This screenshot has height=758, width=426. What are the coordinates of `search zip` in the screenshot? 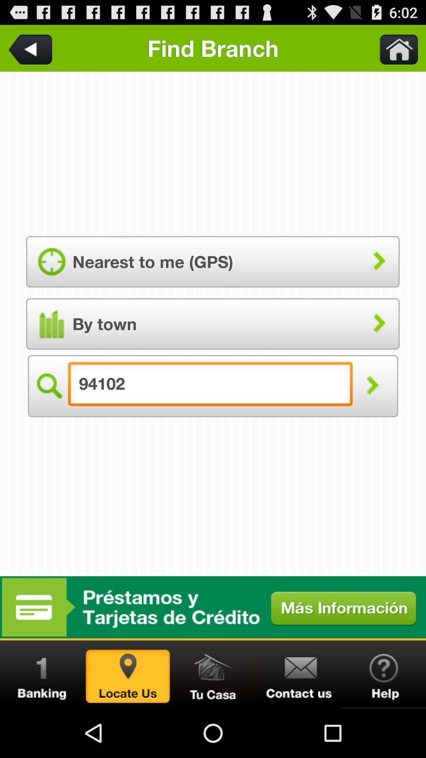 It's located at (127, 674).